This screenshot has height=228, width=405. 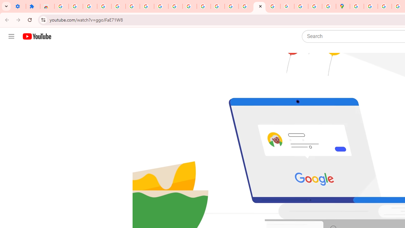 I want to click on 'Settings - On startup', so click(x=19, y=6).